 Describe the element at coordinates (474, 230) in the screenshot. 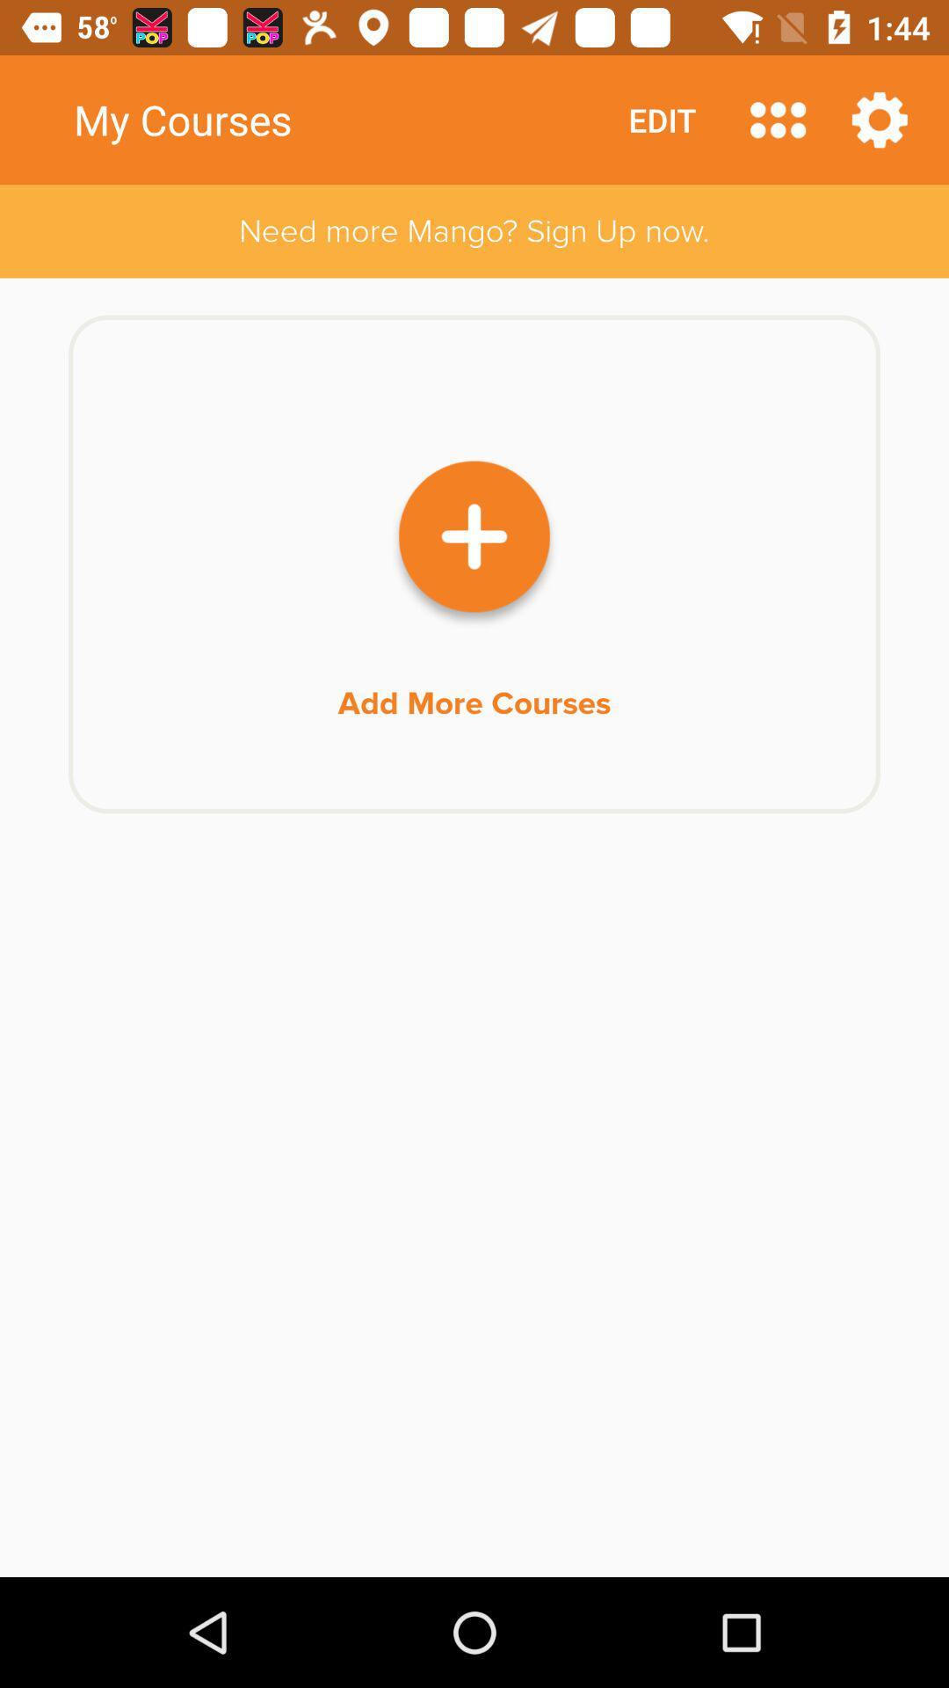

I see `icon below the edit` at that location.